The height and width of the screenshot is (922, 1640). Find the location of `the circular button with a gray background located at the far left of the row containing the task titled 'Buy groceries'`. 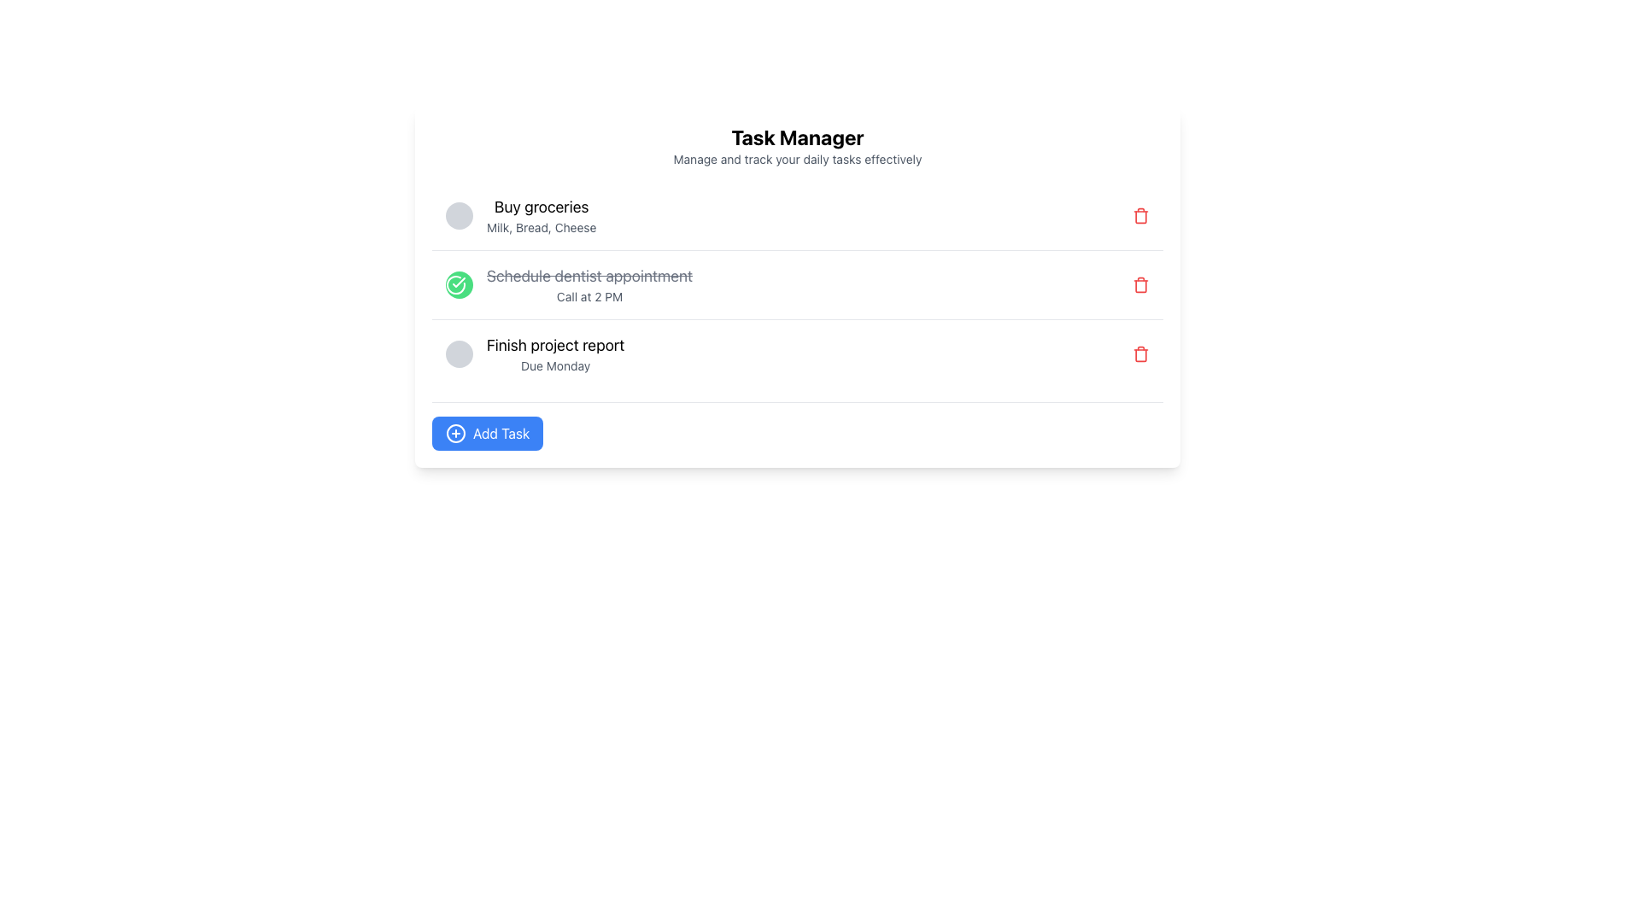

the circular button with a gray background located at the far left of the row containing the task titled 'Buy groceries' is located at coordinates (459, 215).